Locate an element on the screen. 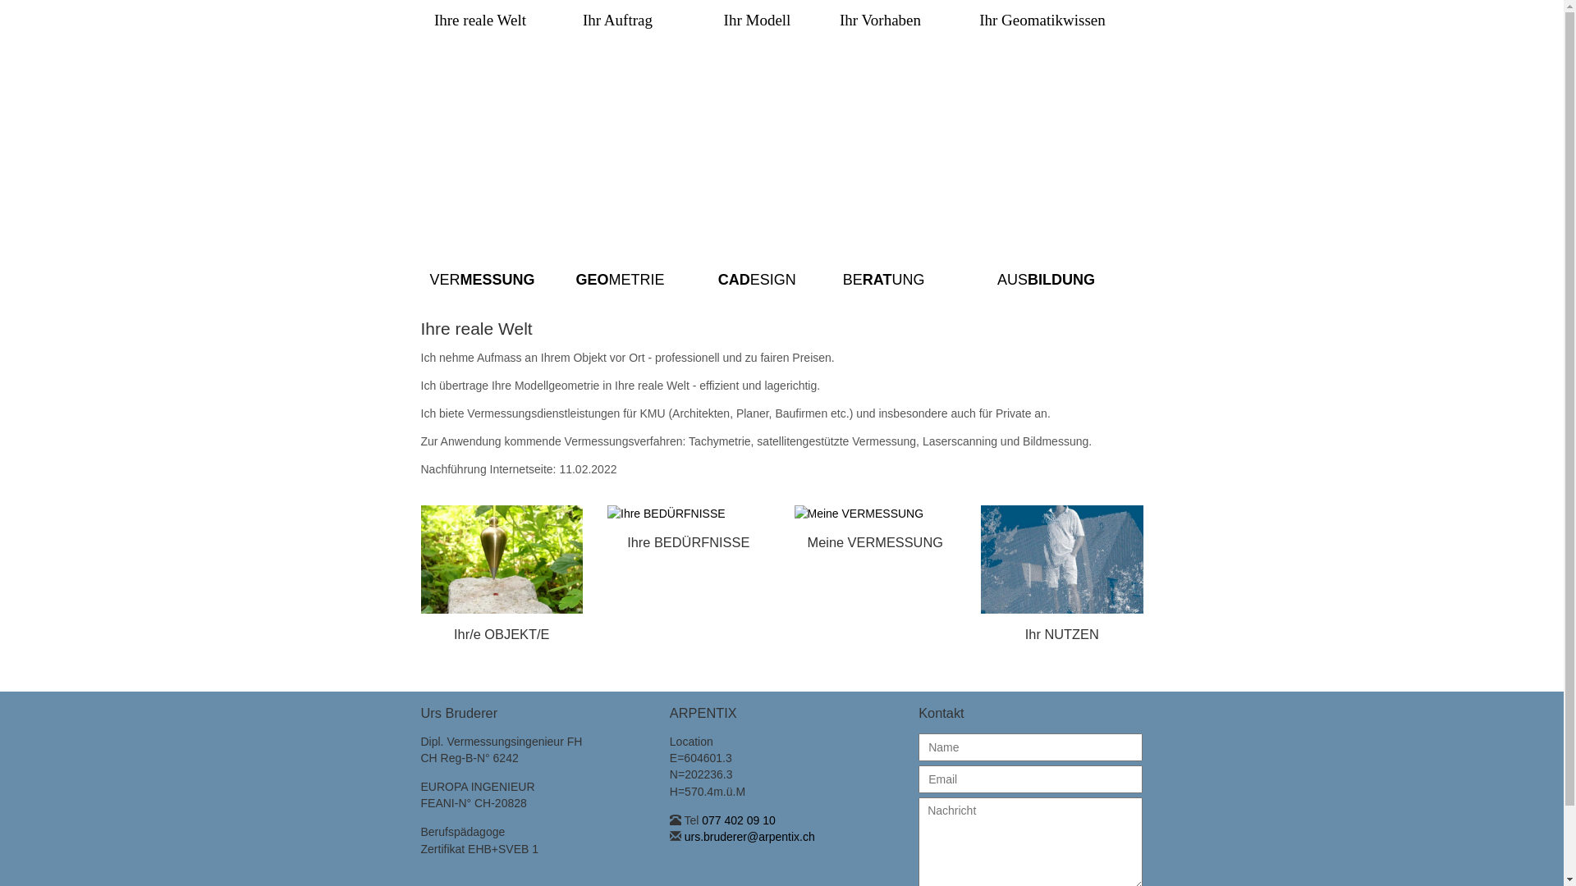 The height and width of the screenshot is (886, 1576). 'Ihr Geomatikwissen' is located at coordinates (1042, 20).